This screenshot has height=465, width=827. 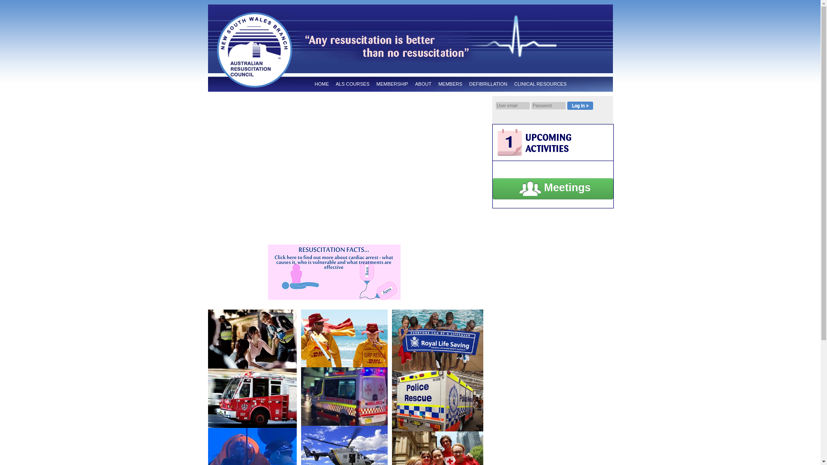 What do you see at coordinates (580, 105) in the screenshot?
I see `'Log In >'` at bounding box center [580, 105].